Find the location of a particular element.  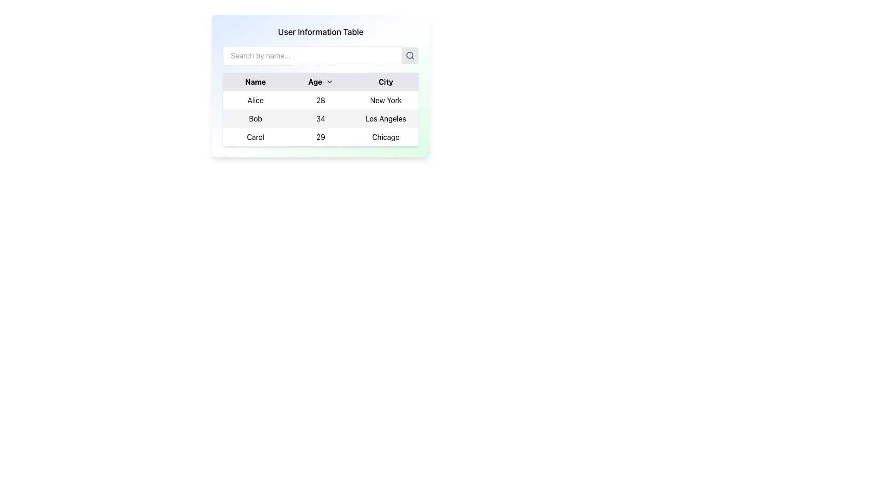

information displayed in the first row of the data table, which includes the user's name, age, and city is located at coordinates (321, 100).